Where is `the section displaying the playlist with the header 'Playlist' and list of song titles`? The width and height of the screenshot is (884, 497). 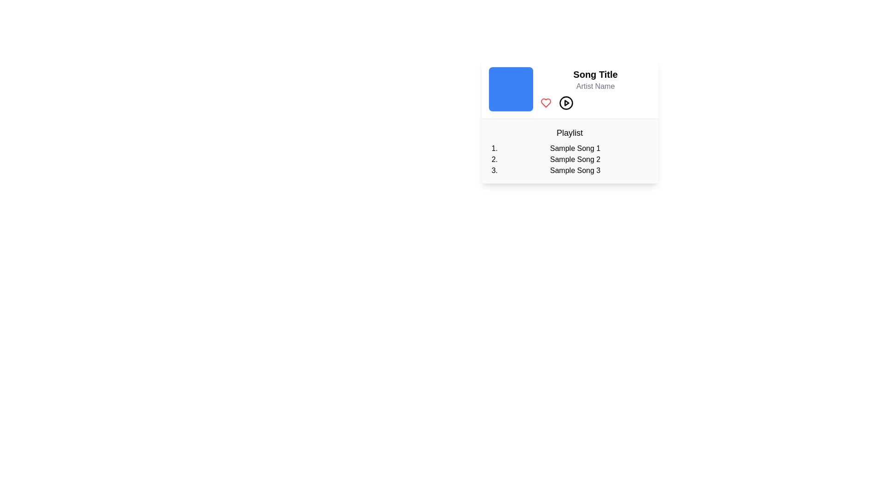
the section displaying the playlist with the header 'Playlist' and list of song titles is located at coordinates (569, 150).